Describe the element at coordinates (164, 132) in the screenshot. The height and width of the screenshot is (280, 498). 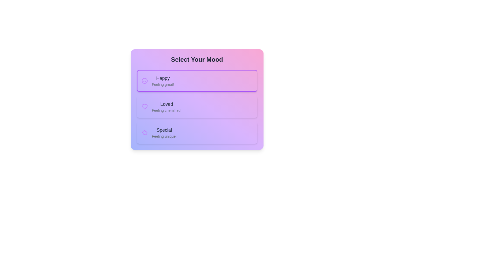
I see `the 'Special' mood option in the mood selection list, which is the third item below the 'Loved' entry and has a star icon to its left` at that location.